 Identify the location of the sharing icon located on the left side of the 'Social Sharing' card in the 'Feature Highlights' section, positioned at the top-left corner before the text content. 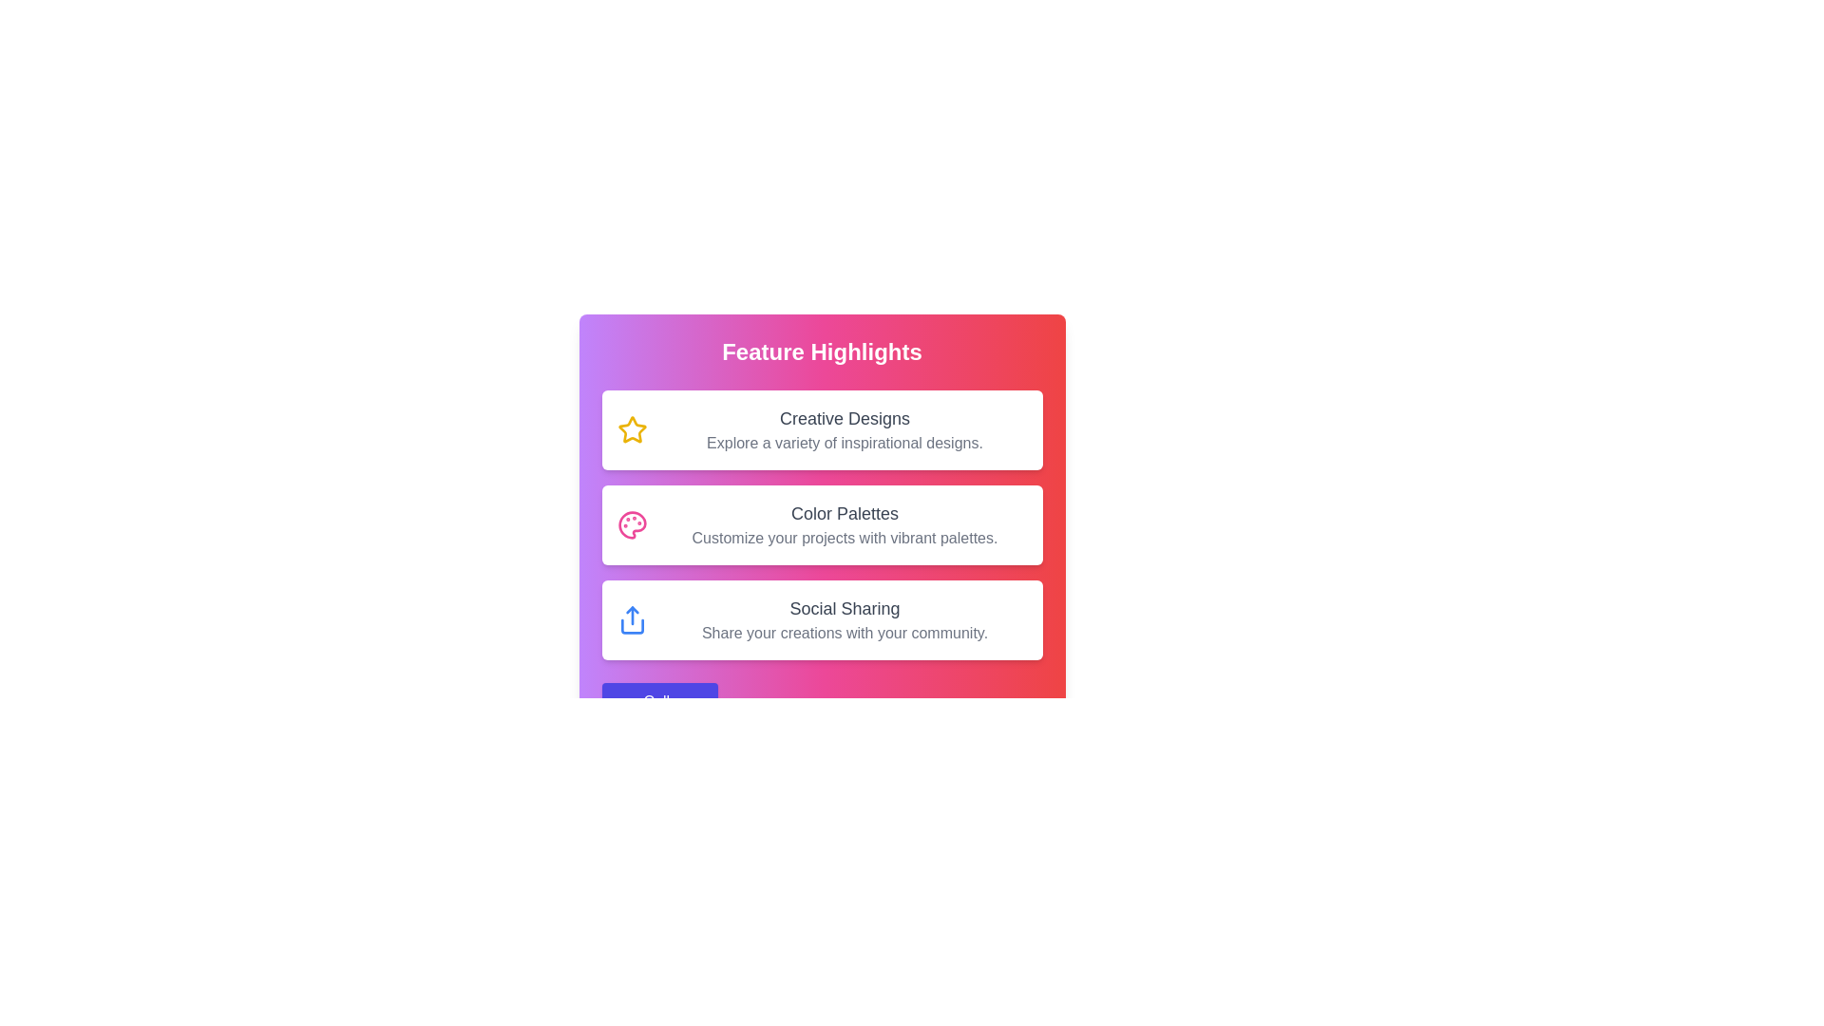
(632, 619).